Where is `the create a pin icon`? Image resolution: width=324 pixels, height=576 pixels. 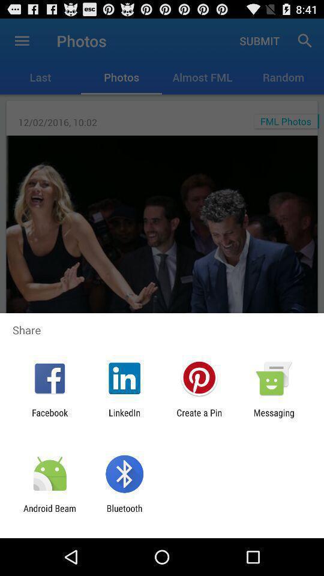
the create a pin icon is located at coordinates (199, 418).